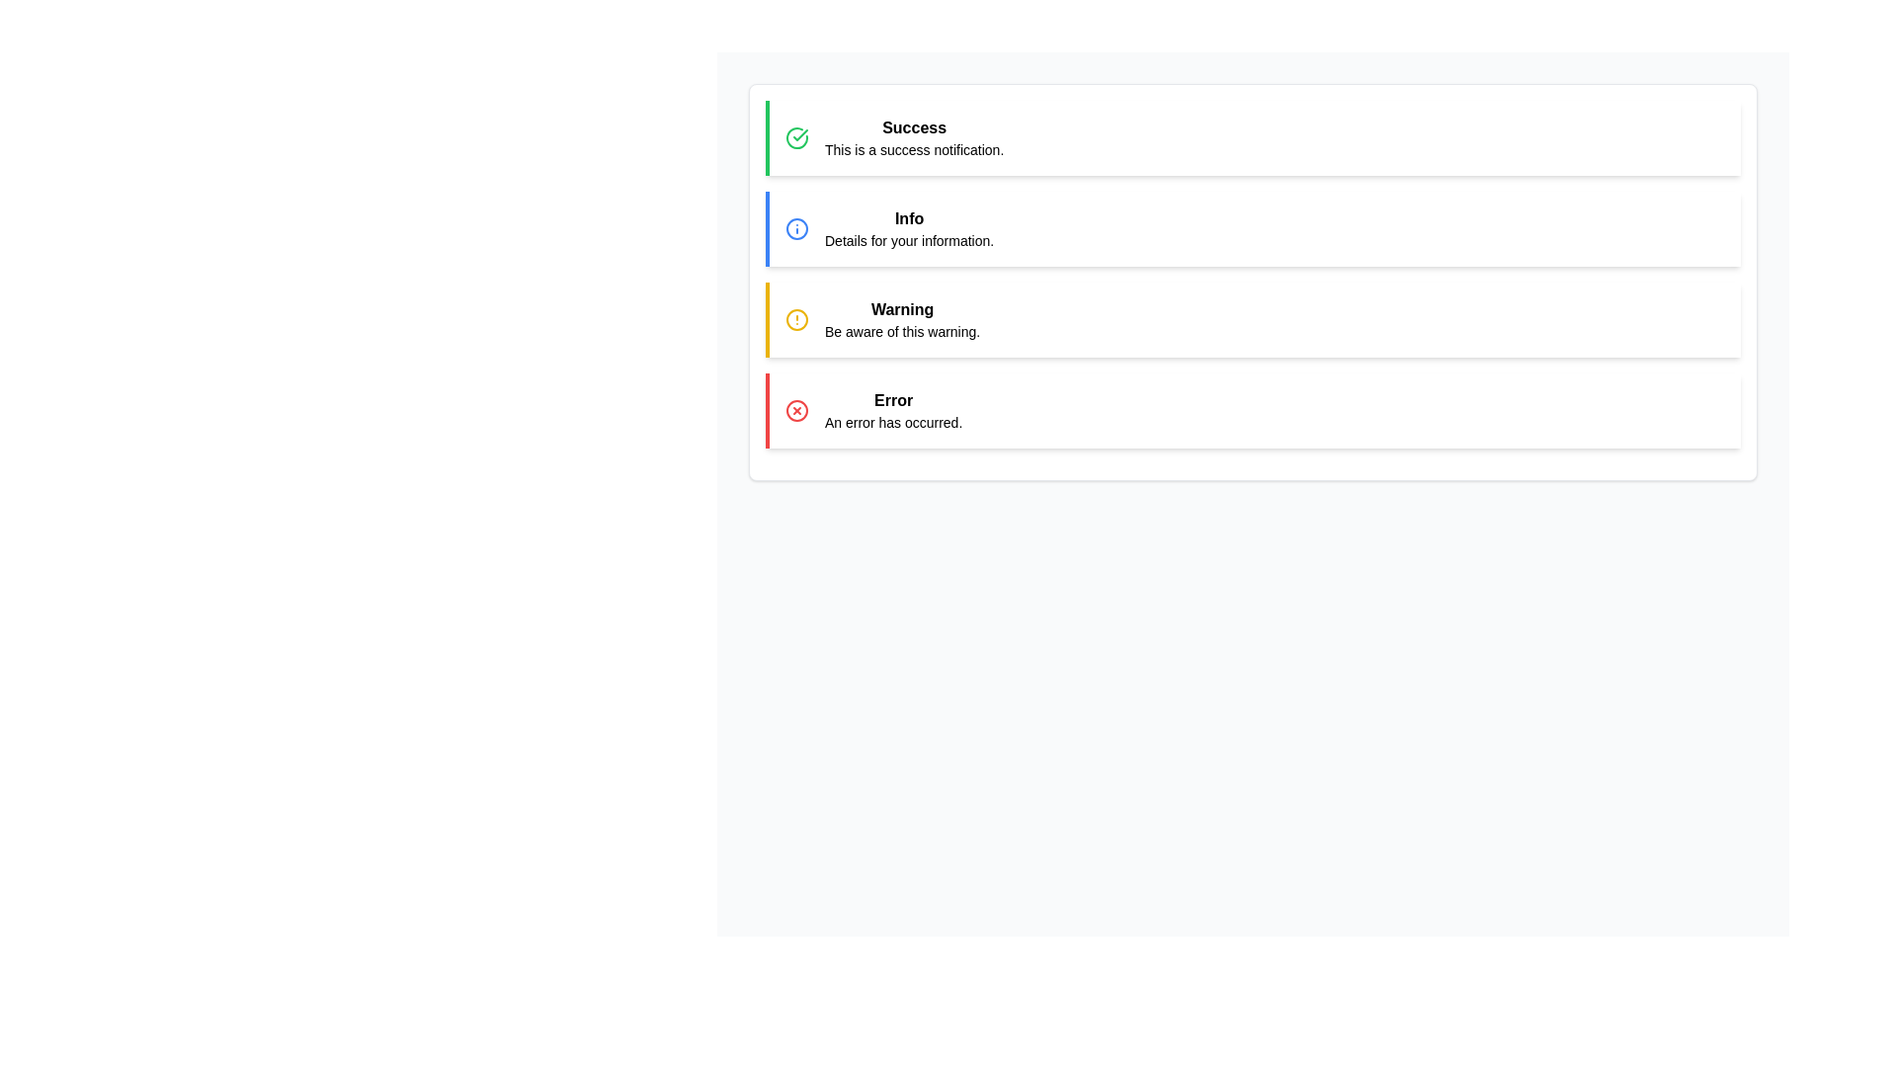 This screenshot has width=1897, height=1067. What do you see at coordinates (796, 410) in the screenshot?
I see `the error icon located at the leftmost side of the 'Error' notification card, which precedes the text 'Error' and 'An error has occurred.'` at bounding box center [796, 410].